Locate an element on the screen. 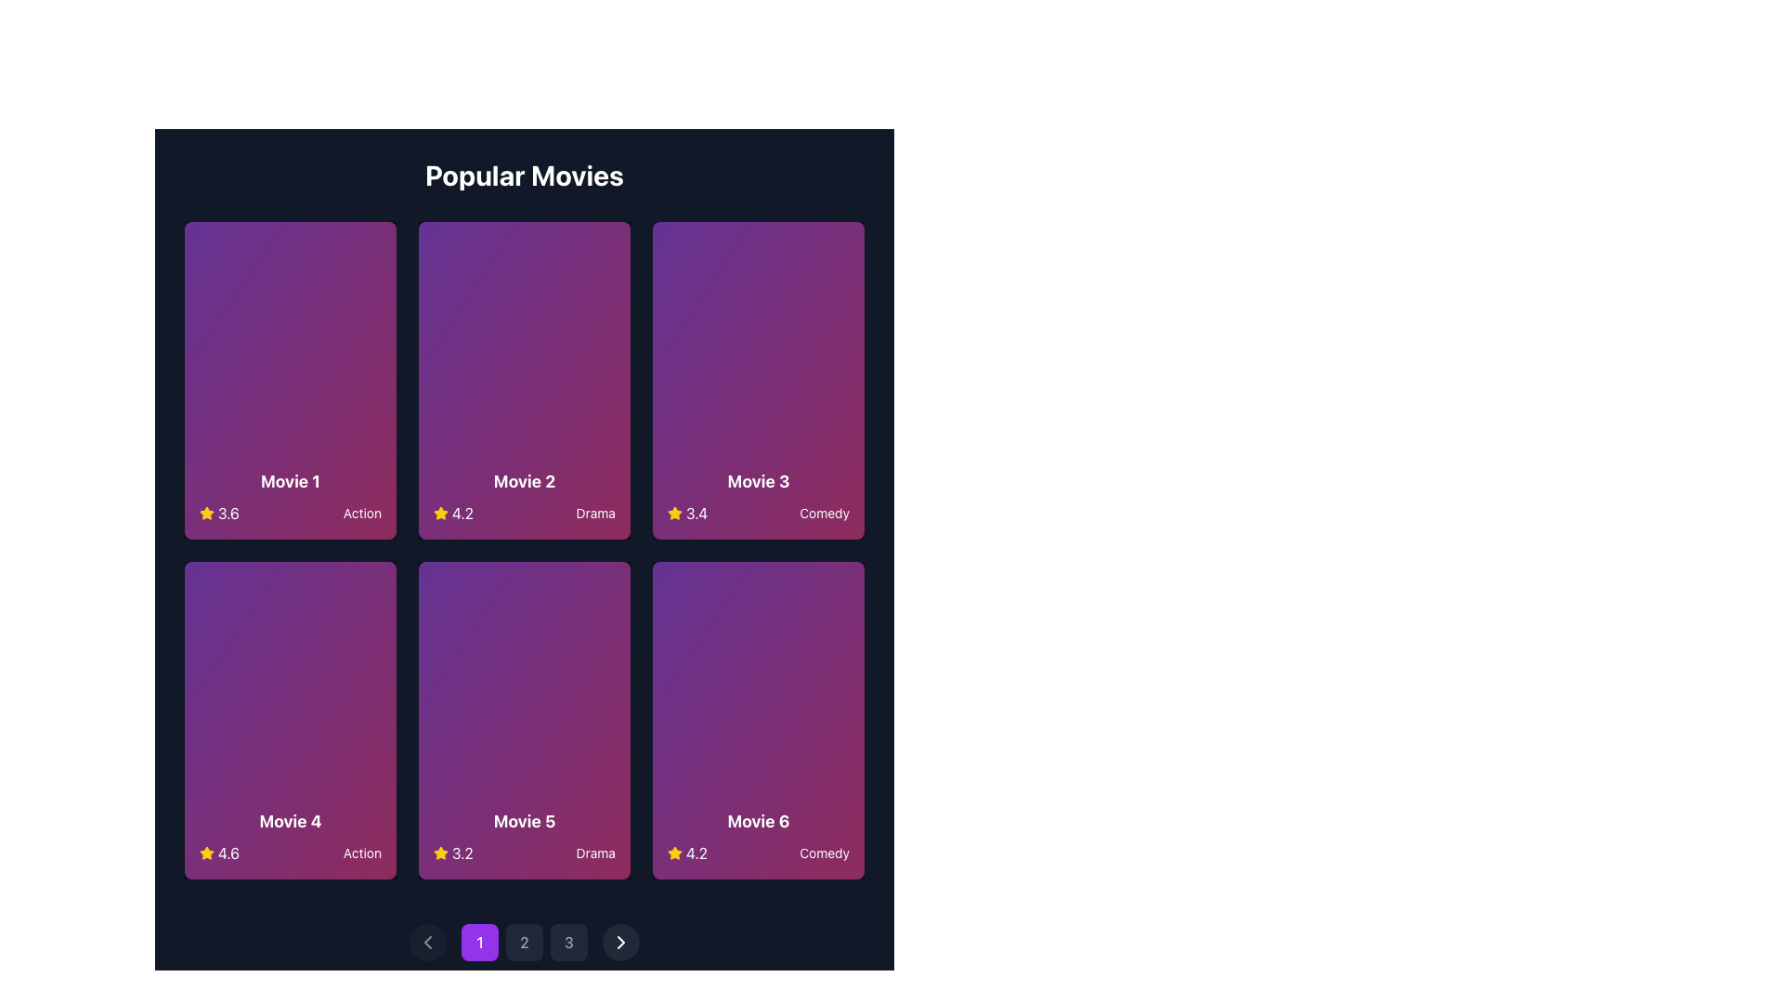 This screenshot has width=1783, height=1003. text label indicating the genre of the associated movie located in the second row, second column of the grid layout, adjacent to a yellow star symbol and the rating '4.2' is located at coordinates (595, 513).